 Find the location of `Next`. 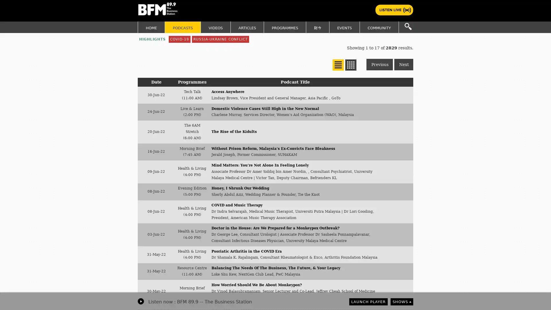

Next is located at coordinates (403, 64).